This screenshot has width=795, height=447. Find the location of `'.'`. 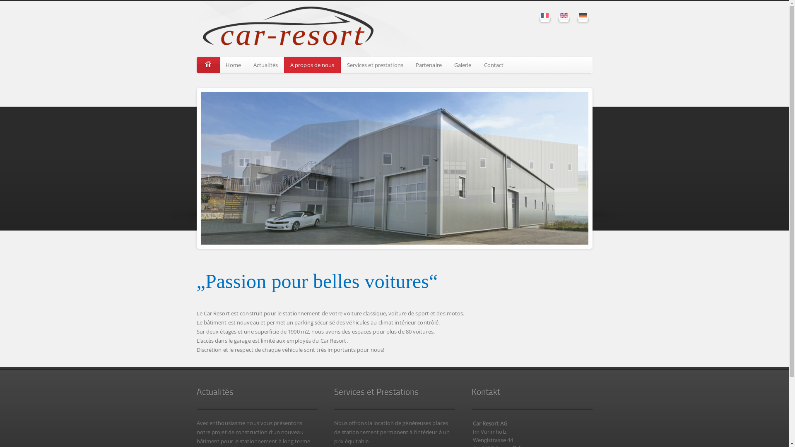

'.' is located at coordinates (208, 65).